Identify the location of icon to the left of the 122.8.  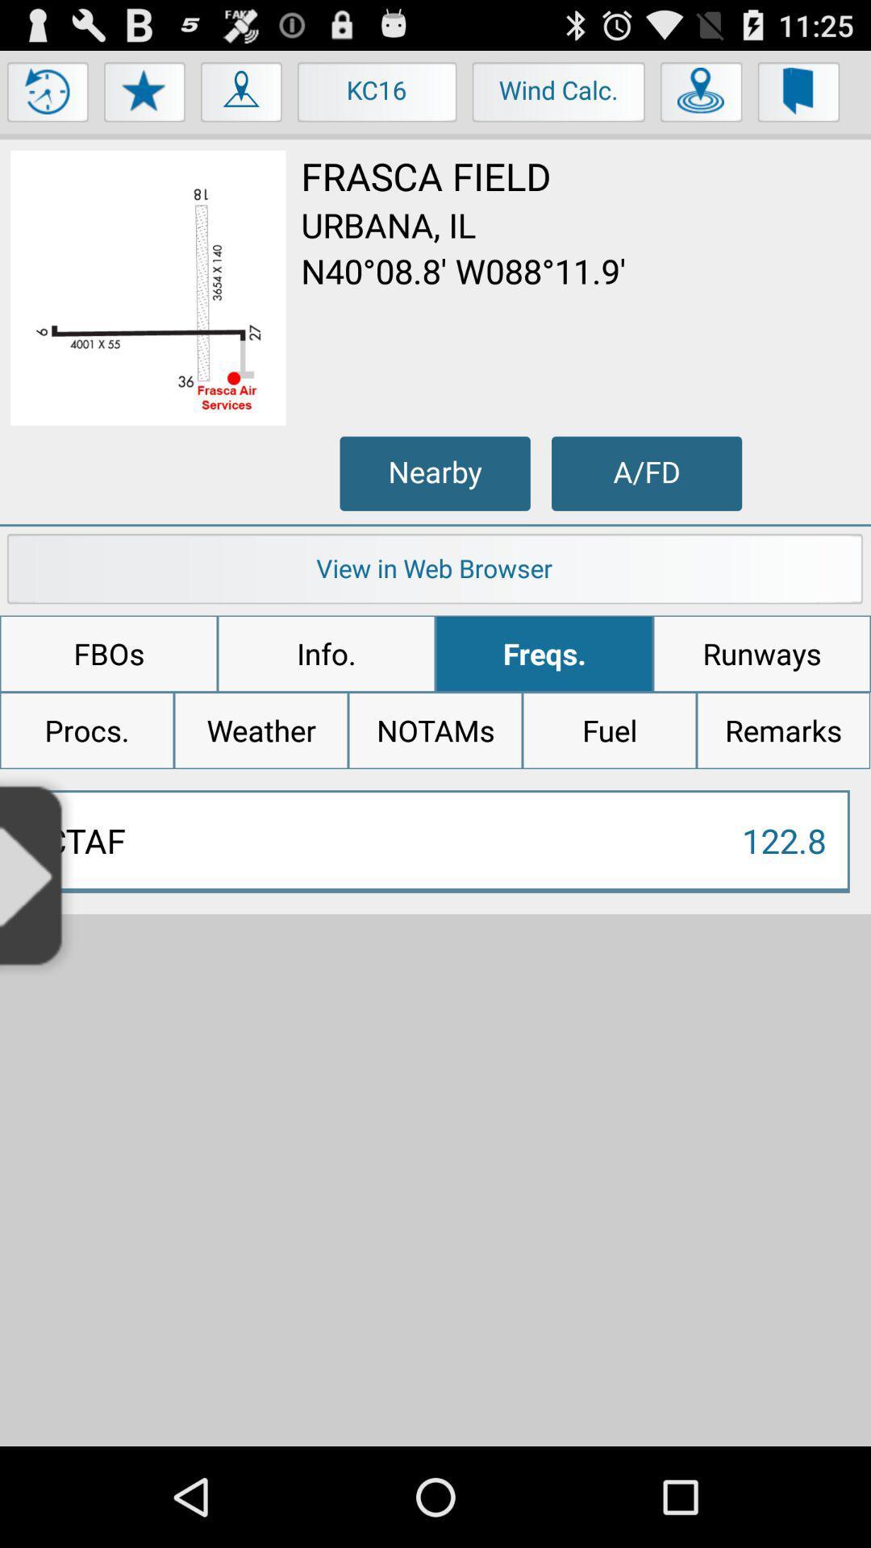
(38, 873).